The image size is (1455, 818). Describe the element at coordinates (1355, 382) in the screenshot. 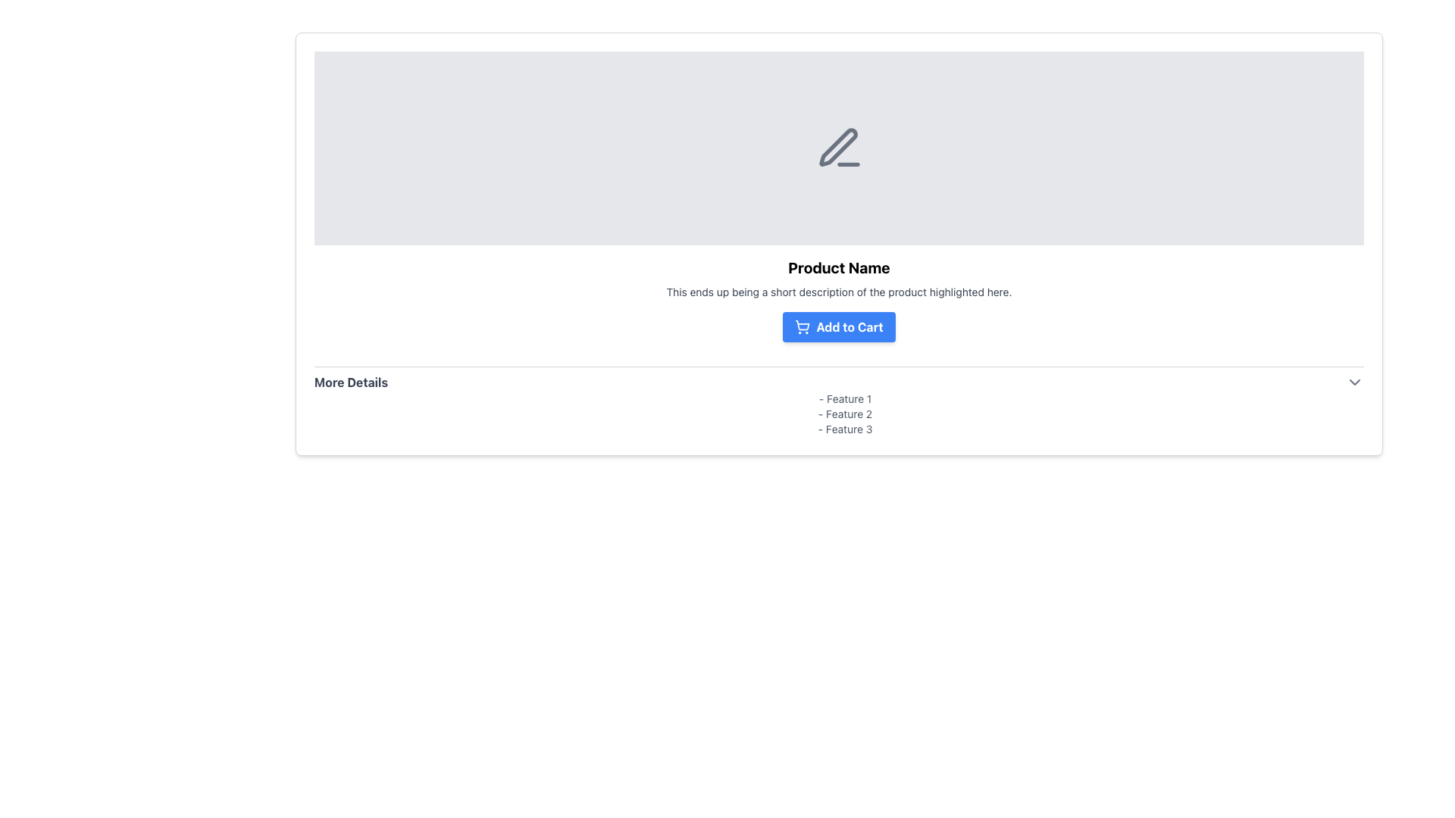

I see `the chevron SVG icon located on the far right side of the 'More Details' section` at that location.